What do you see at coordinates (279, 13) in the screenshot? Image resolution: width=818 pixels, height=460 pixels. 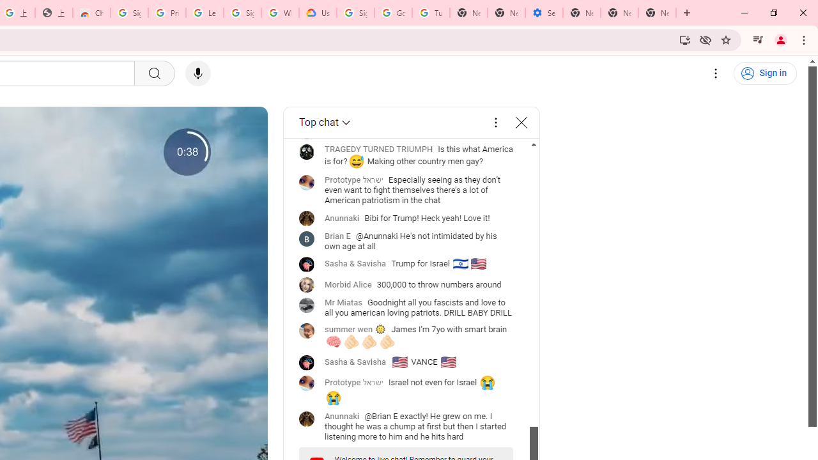 I see `'Who are Google'` at bounding box center [279, 13].